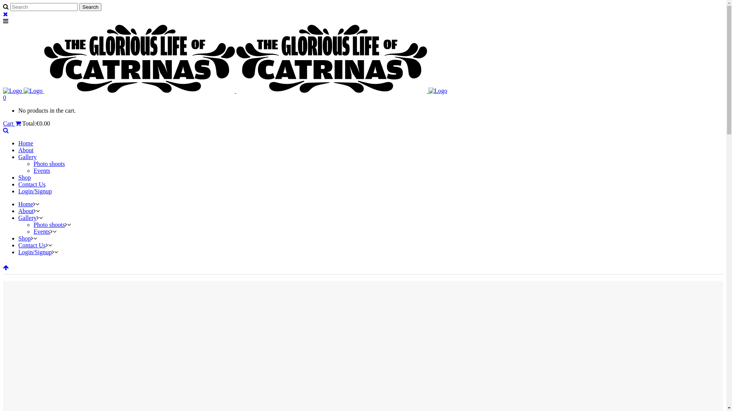 The image size is (732, 411). Describe the element at coordinates (26, 211) in the screenshot. I see `'About'` at that location.